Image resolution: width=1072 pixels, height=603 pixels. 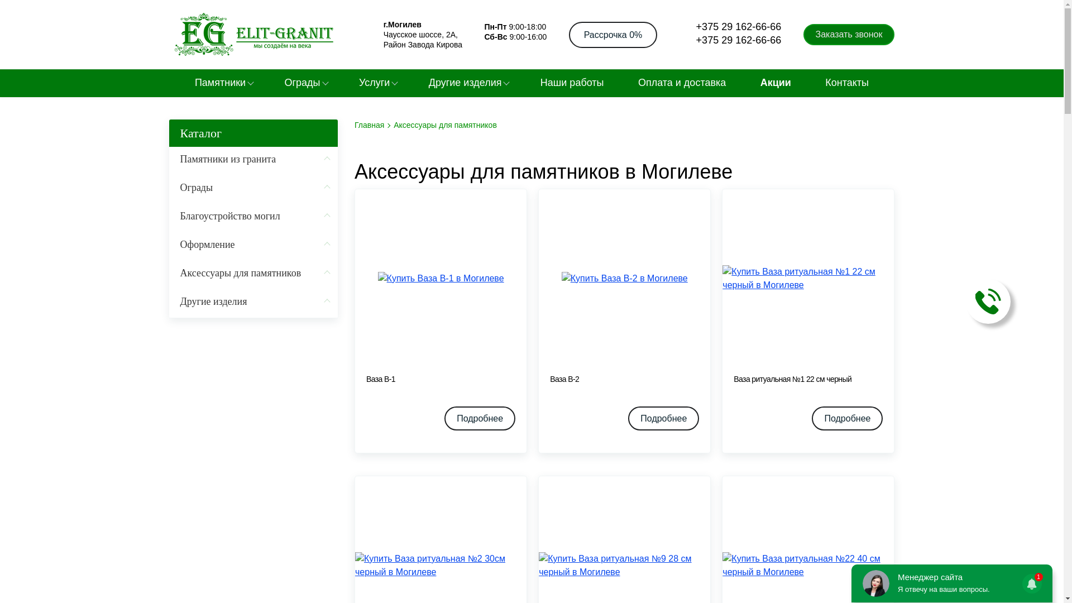 What do you see at coordinates (730, 27) in the screenshot?
I see `'+375 29 162-66-66'` at bounding box center [730, 27].